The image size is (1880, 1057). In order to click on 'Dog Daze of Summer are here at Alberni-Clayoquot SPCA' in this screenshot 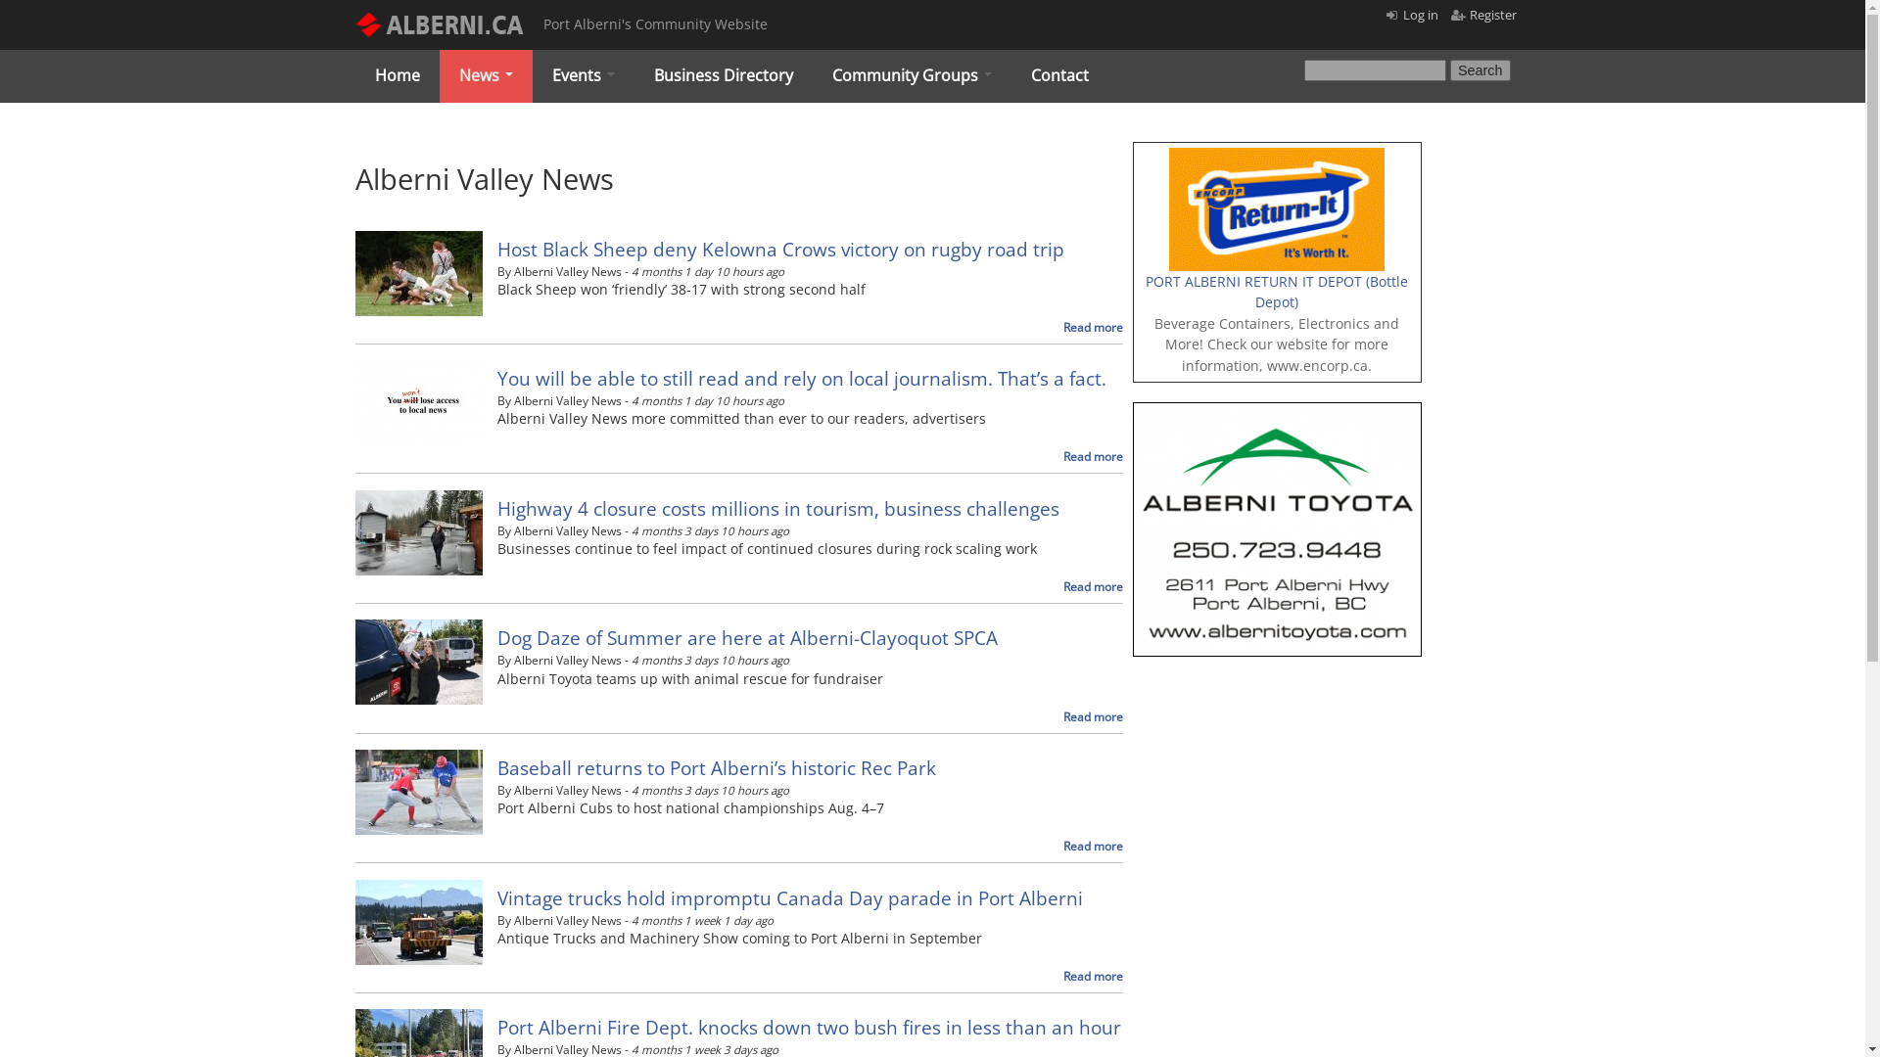, I will do `click(746, 637)`.